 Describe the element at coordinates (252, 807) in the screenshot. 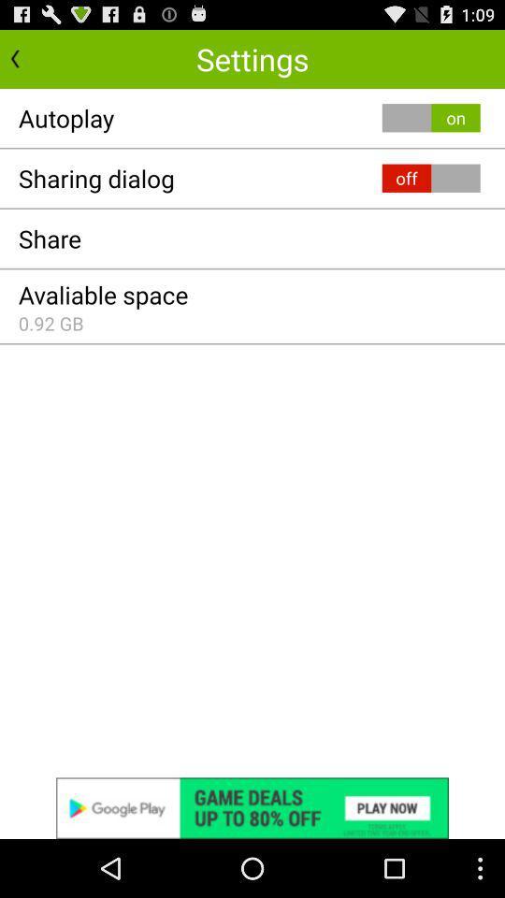

I see `google play store` at that location.